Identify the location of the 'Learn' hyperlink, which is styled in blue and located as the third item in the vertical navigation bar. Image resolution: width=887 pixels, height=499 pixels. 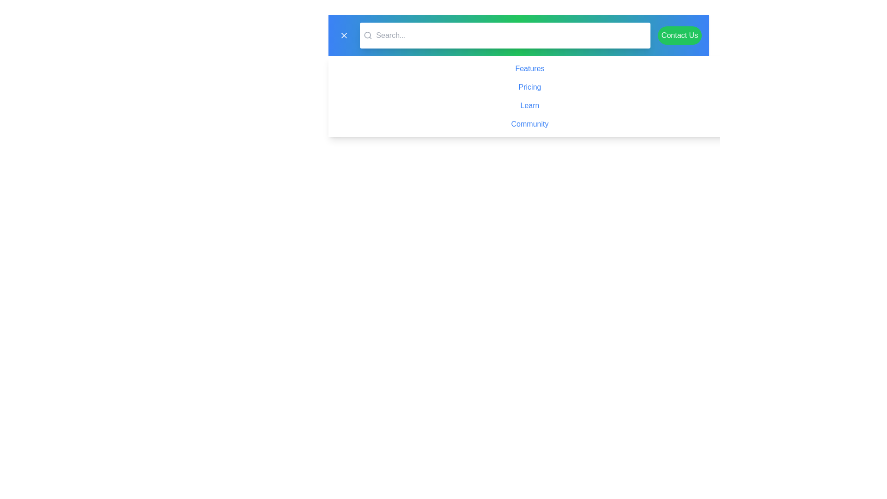
(530, 105).